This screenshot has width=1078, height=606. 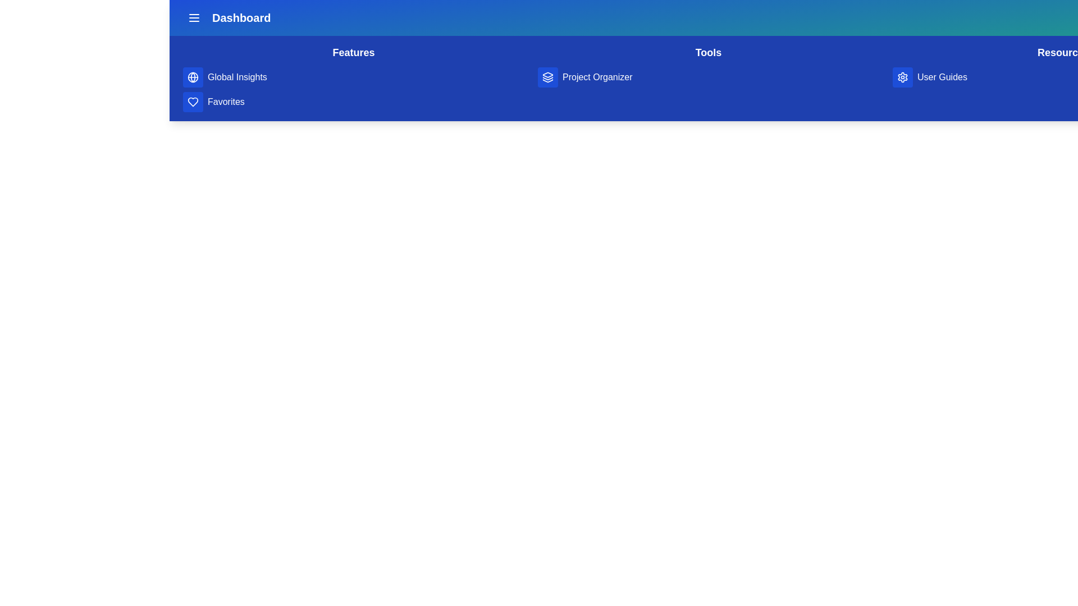 What do you see at coordinates (547, 78) in the screenshot?
I see `the middle layer of the three-layer icon representing the 'Project Organizer' feature located near the top-right of the blue navigation bar in the 'Tools' section` at bounding box center [547, 78].